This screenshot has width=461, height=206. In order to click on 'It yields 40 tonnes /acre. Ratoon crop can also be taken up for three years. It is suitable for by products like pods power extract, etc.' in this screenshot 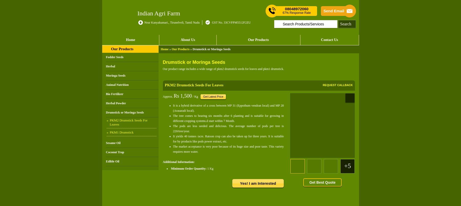, I will do `click(228, 139)`.